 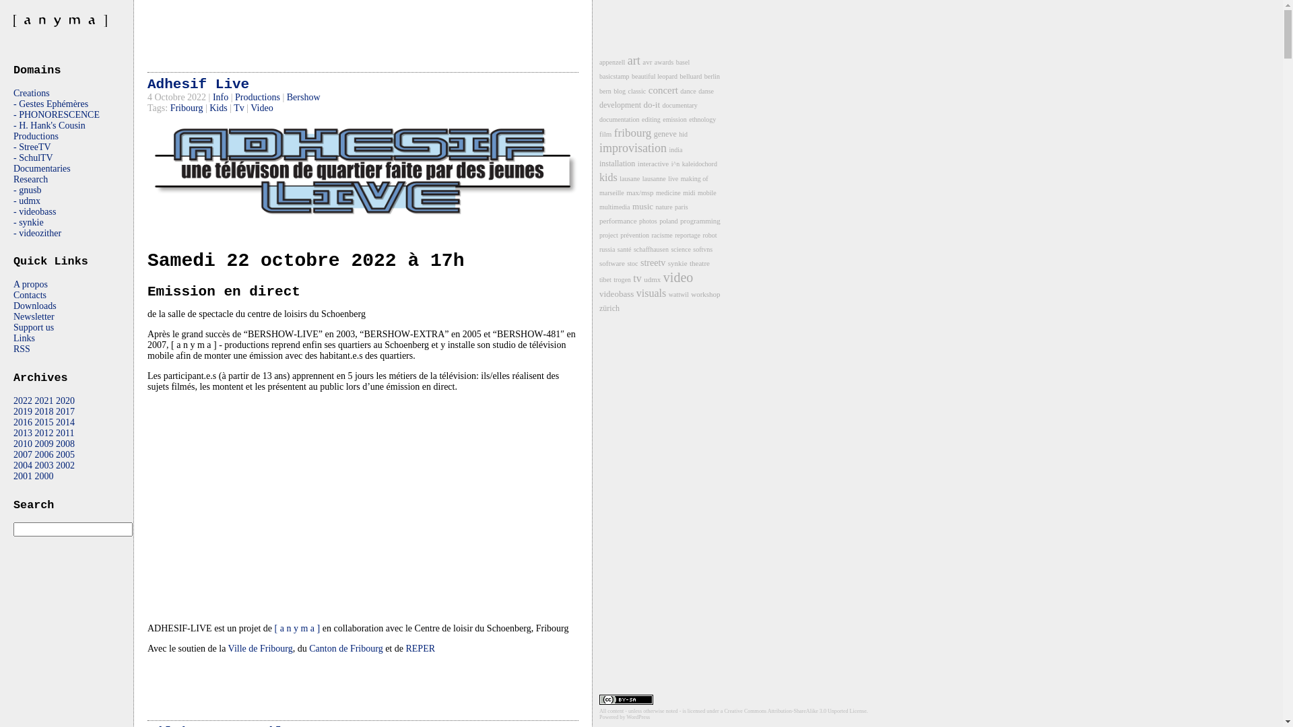 I want to click on '2016', so click(x=13, y=421).